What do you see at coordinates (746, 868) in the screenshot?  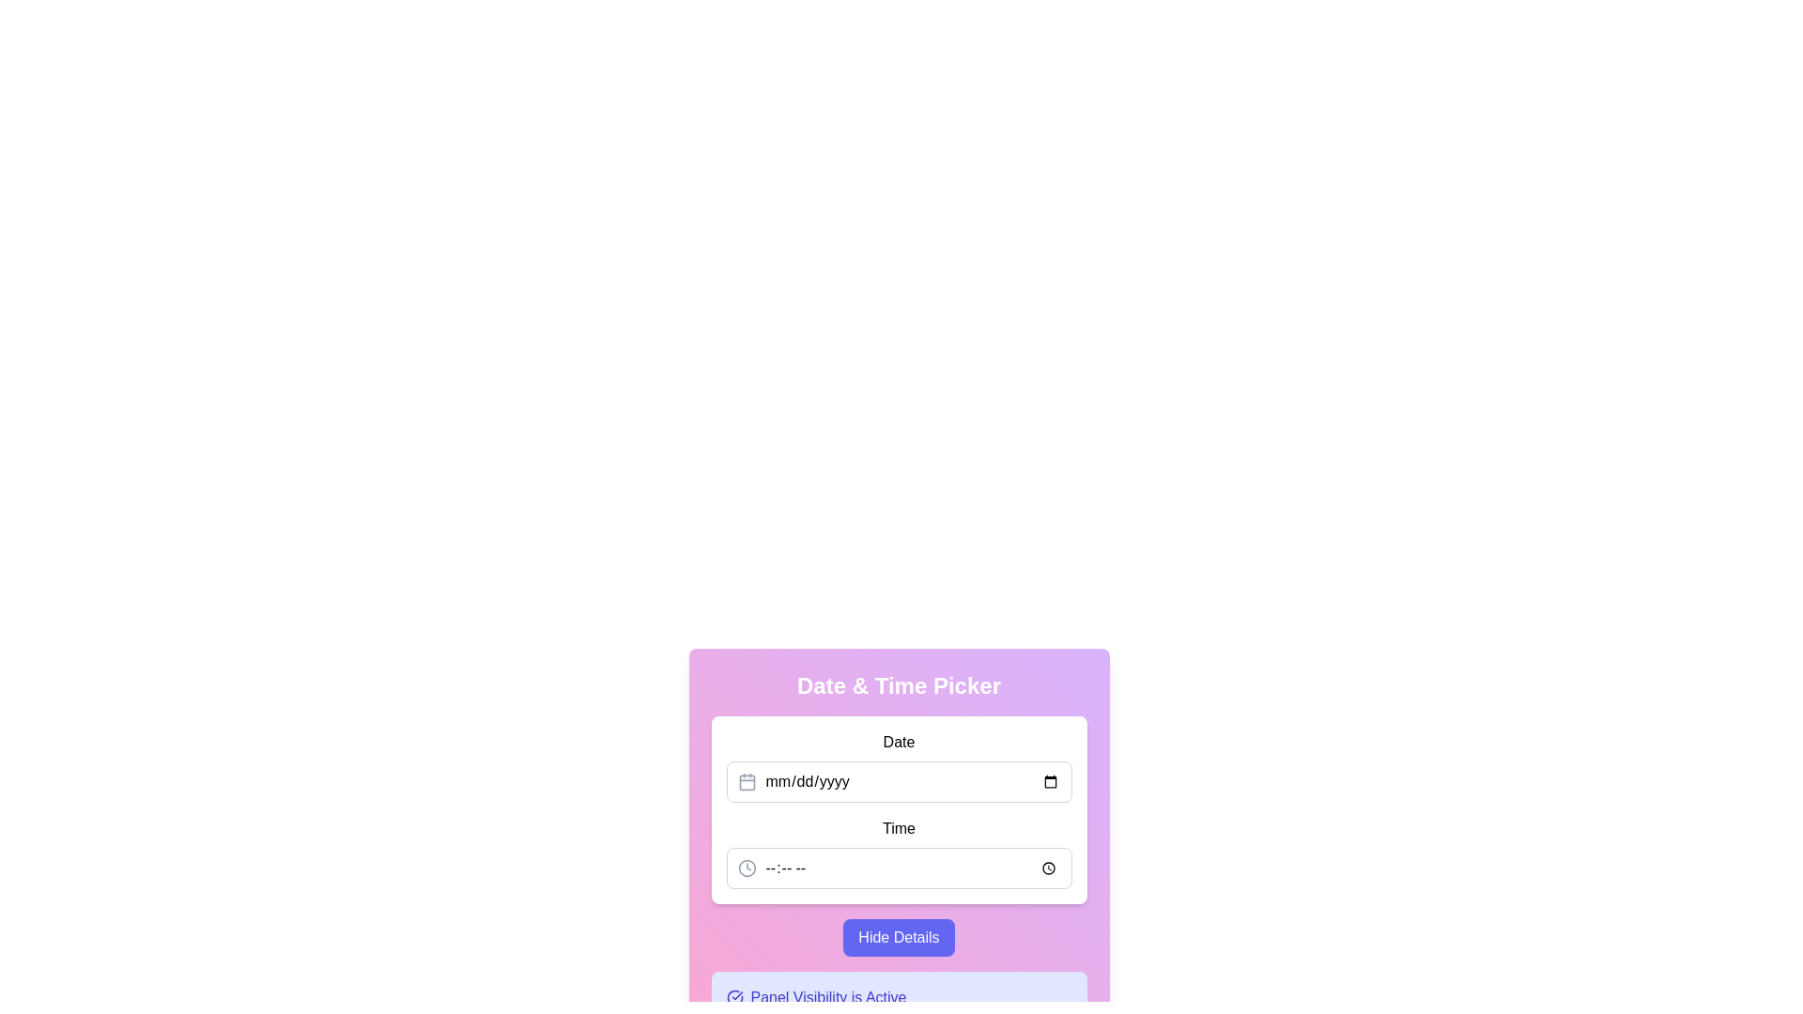 I see `the circle graphical component that visually represents the clock icon in the 'Date & Time Picker' section, located in the second row labeled 'Time'` at bounding box center [746, 868].